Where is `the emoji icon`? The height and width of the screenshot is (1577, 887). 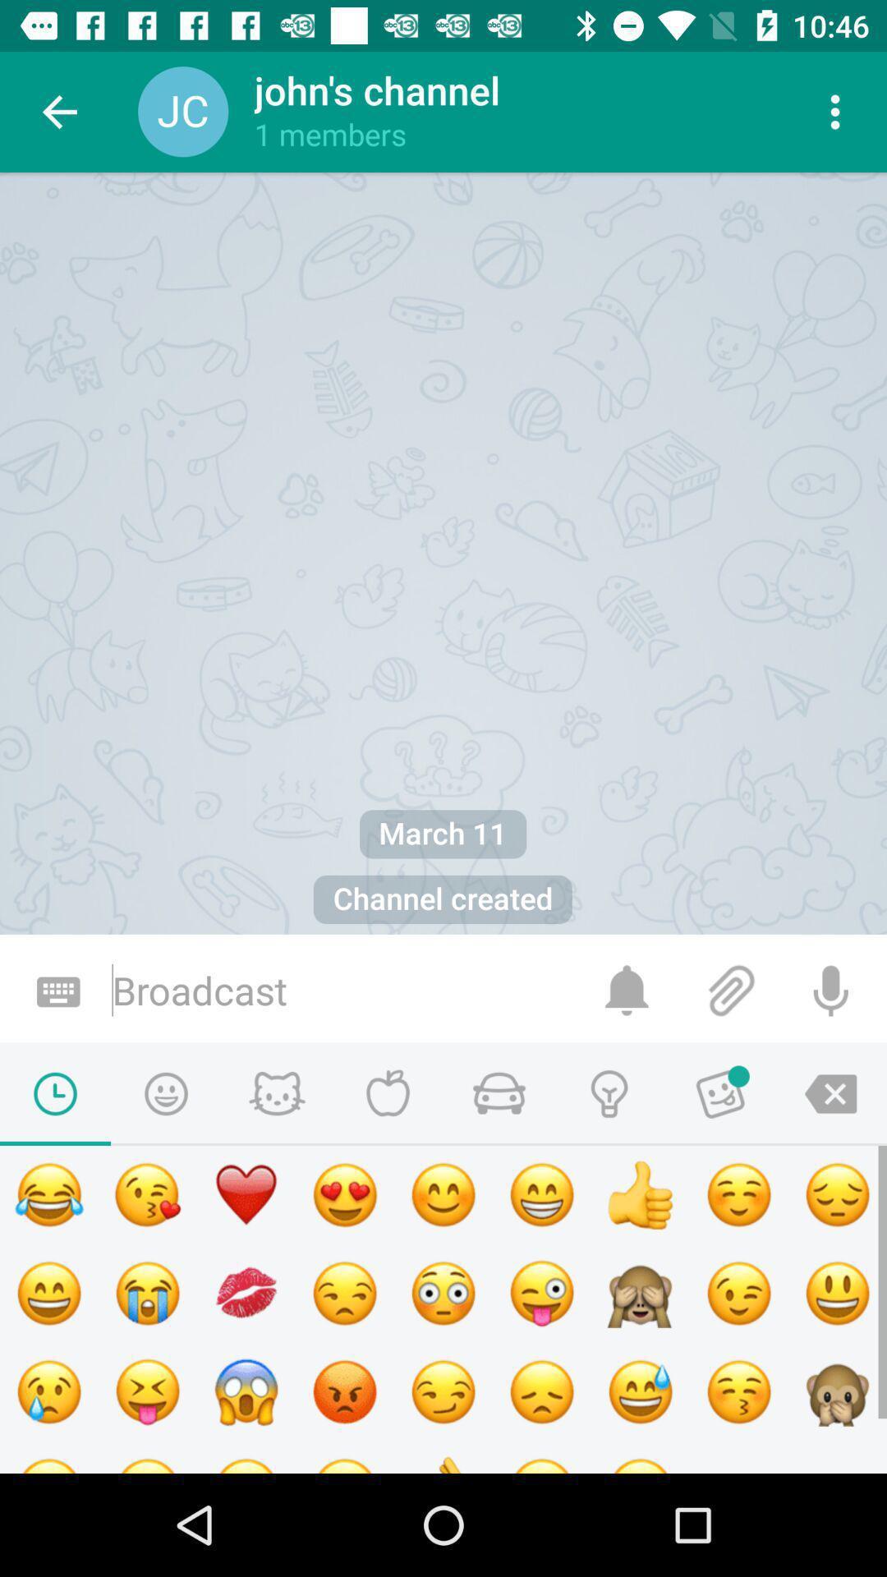 the emoji icon is located at coordinates (48, 1194).